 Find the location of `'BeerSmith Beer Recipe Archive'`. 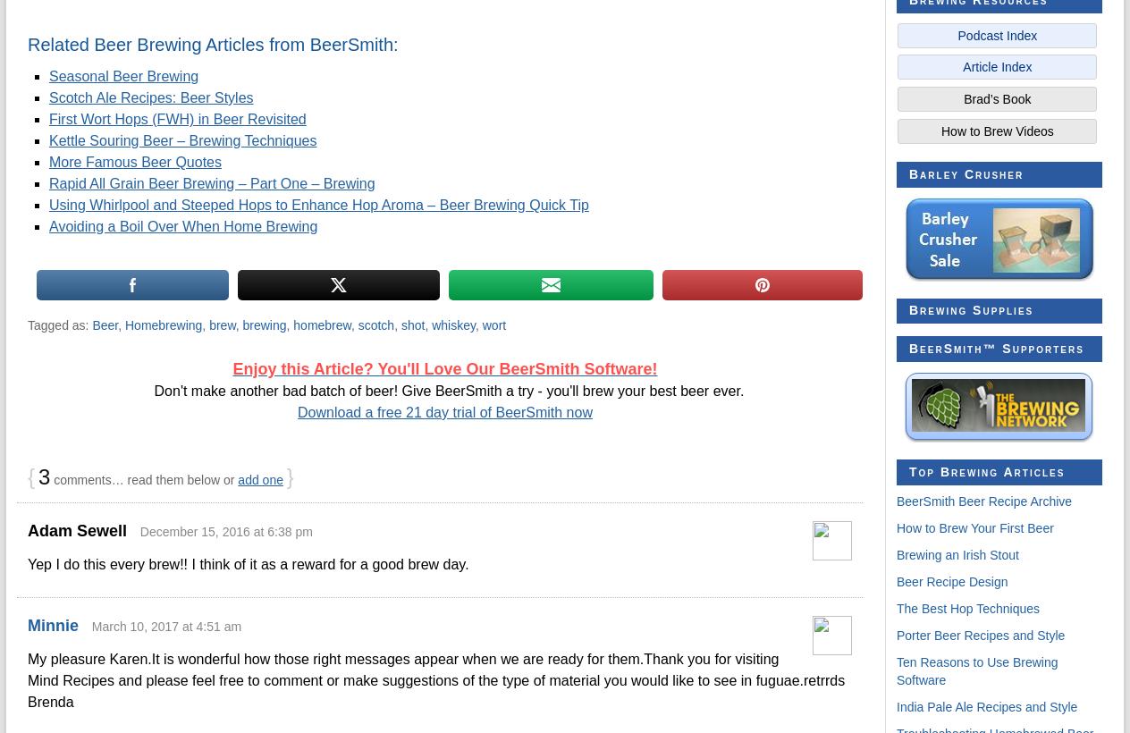

'BeerSmith Beer Recipe Archive' is located at coordinates (982, 500).